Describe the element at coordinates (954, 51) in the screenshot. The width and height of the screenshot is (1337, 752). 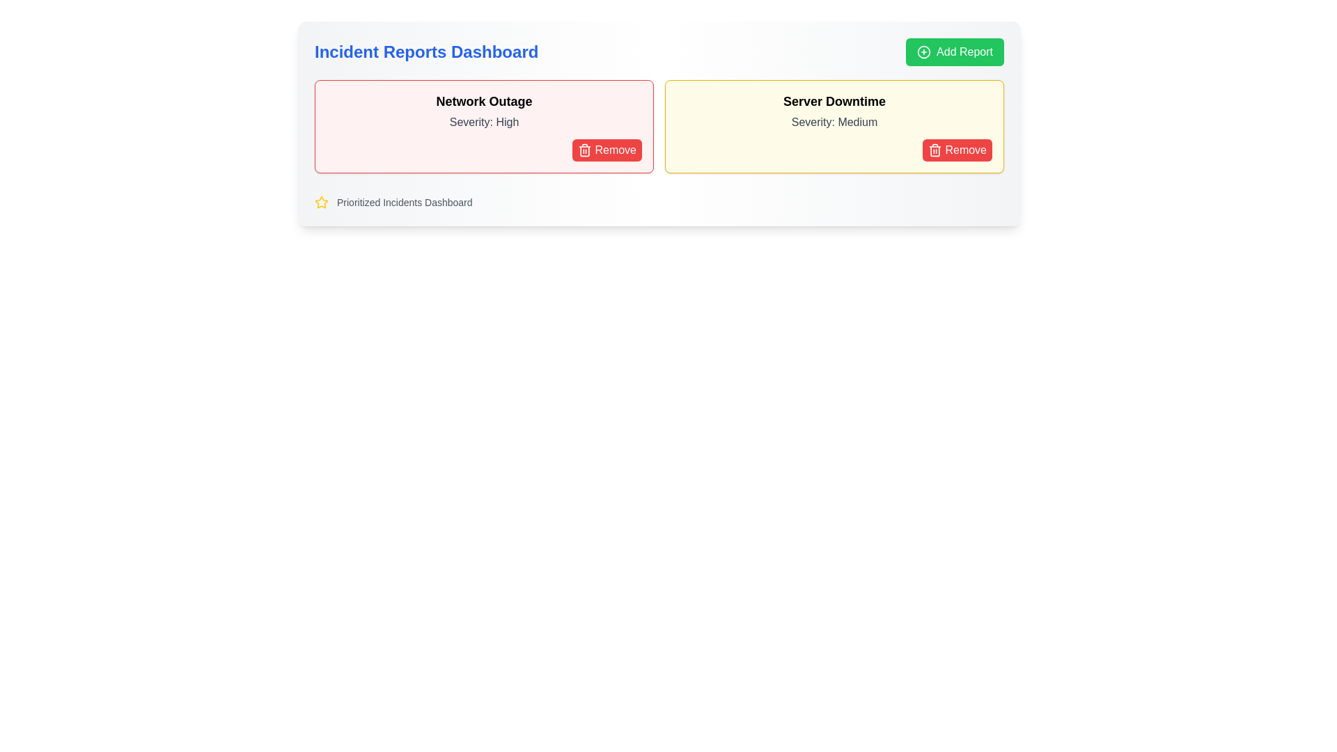
I see `the 'Add New Report' button located in the top-right corner of the 'Incident Reports Dashboard'` at that location.